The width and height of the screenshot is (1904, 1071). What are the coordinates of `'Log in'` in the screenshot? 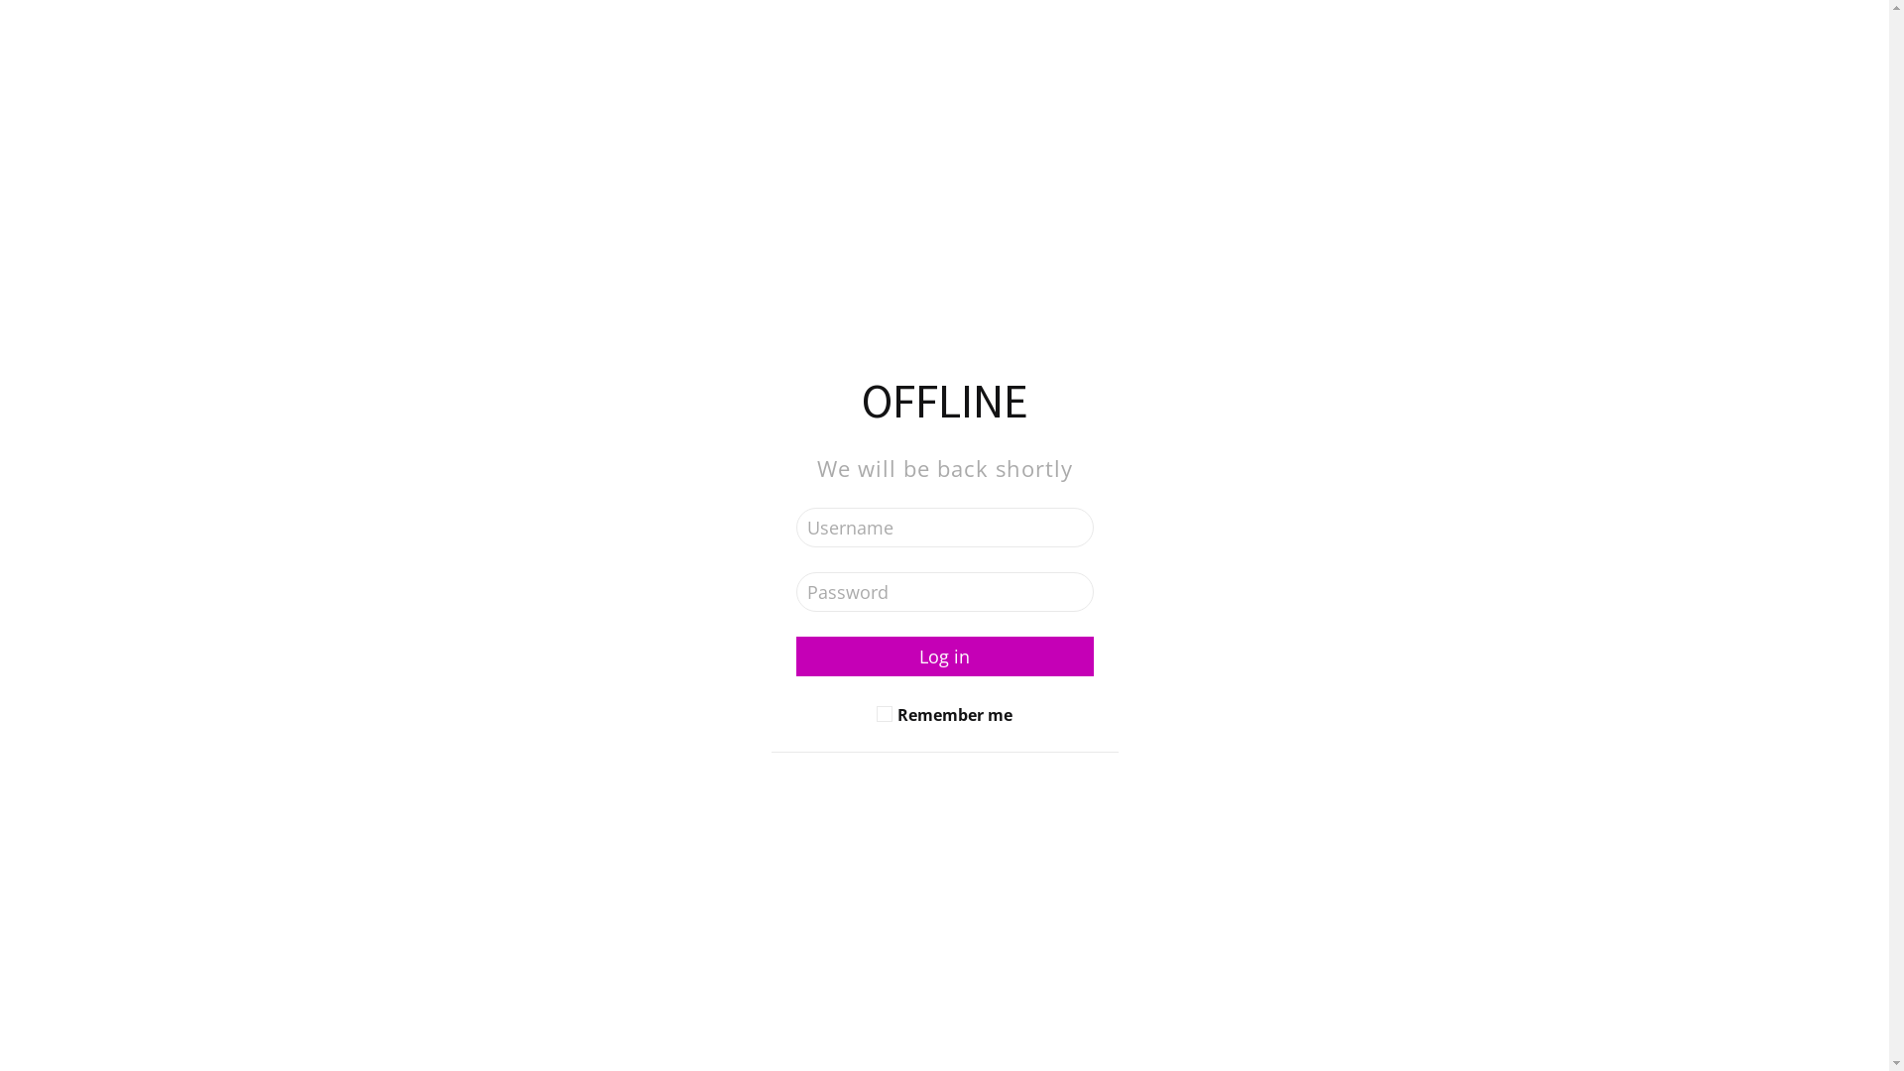 It's located at (942, 656).